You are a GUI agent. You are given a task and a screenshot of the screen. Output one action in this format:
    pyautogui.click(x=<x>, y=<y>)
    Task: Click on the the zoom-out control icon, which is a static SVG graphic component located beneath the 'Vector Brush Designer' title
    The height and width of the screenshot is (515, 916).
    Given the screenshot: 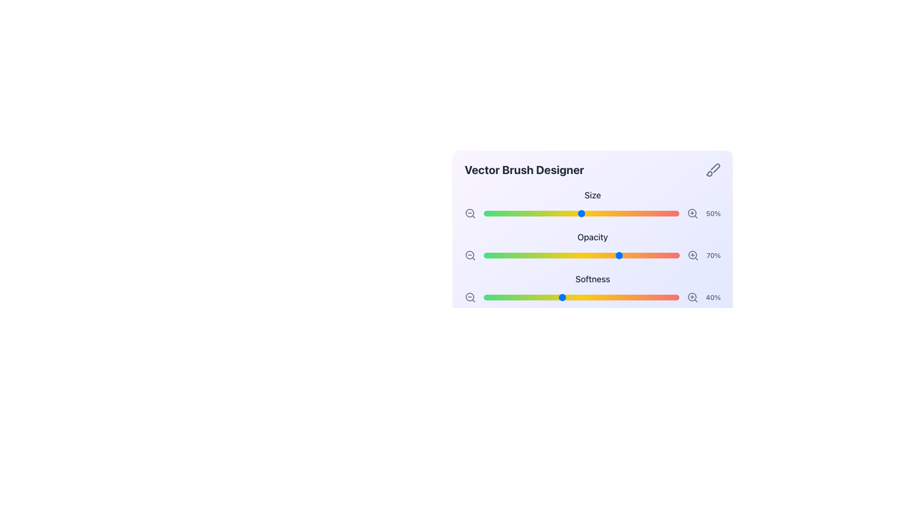 What is the action you would take?
    pyautogui.click(x=469, y=255)
    